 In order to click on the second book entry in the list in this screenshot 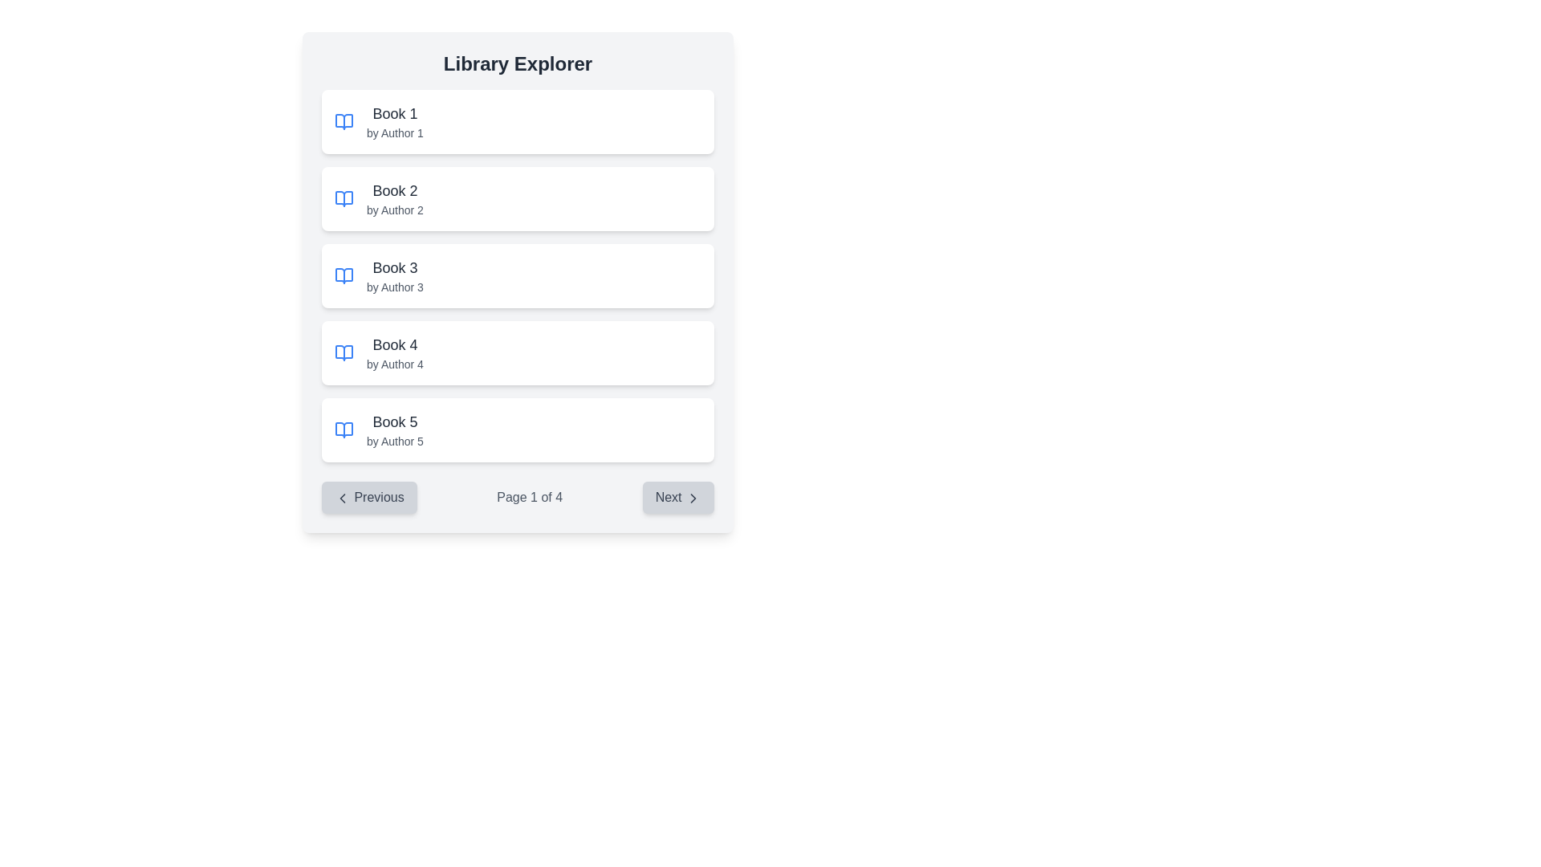, I will do `click(518, 197)`.